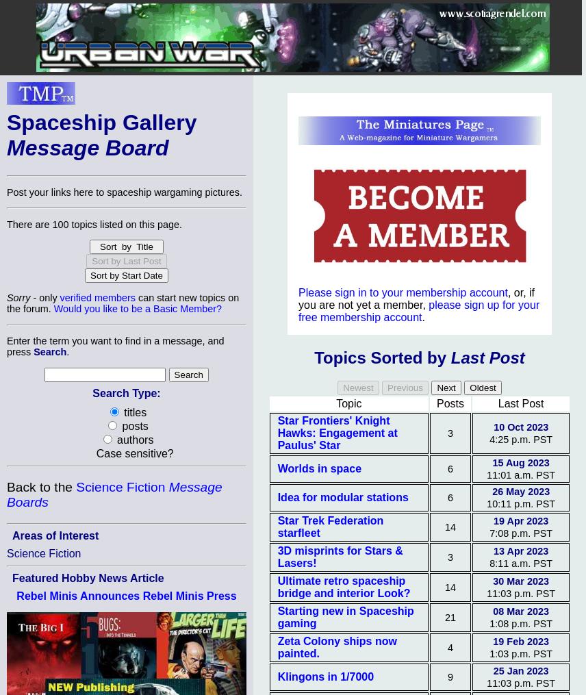  What do you see at coordinates (447, 647) in the screenshot?
I see `'4'` at bounding box center [447, 647].